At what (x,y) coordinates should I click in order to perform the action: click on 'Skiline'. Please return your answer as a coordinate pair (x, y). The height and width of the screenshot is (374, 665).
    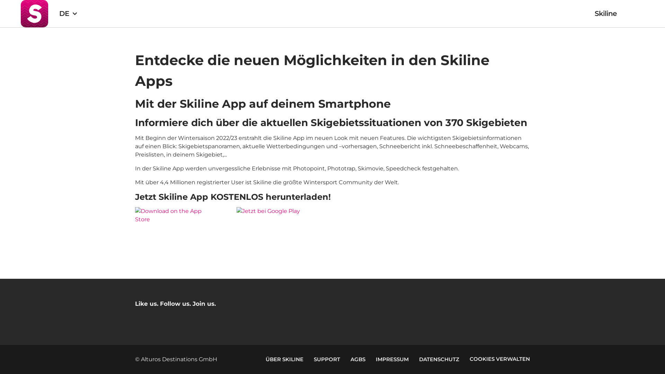
    Looking at the image, I should click on (587, 14).